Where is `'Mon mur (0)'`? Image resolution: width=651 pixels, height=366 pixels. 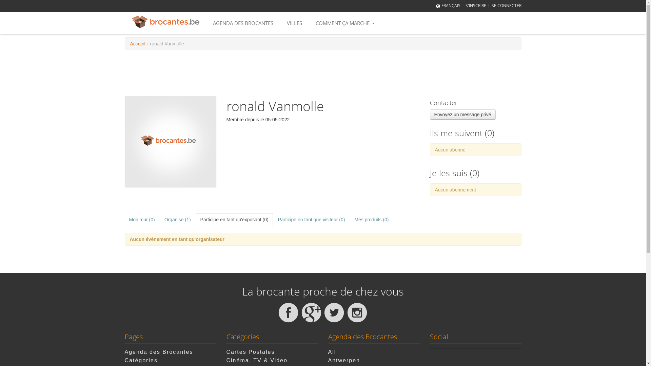 'Mon mur (0)' is located at coordinates (141, 220).